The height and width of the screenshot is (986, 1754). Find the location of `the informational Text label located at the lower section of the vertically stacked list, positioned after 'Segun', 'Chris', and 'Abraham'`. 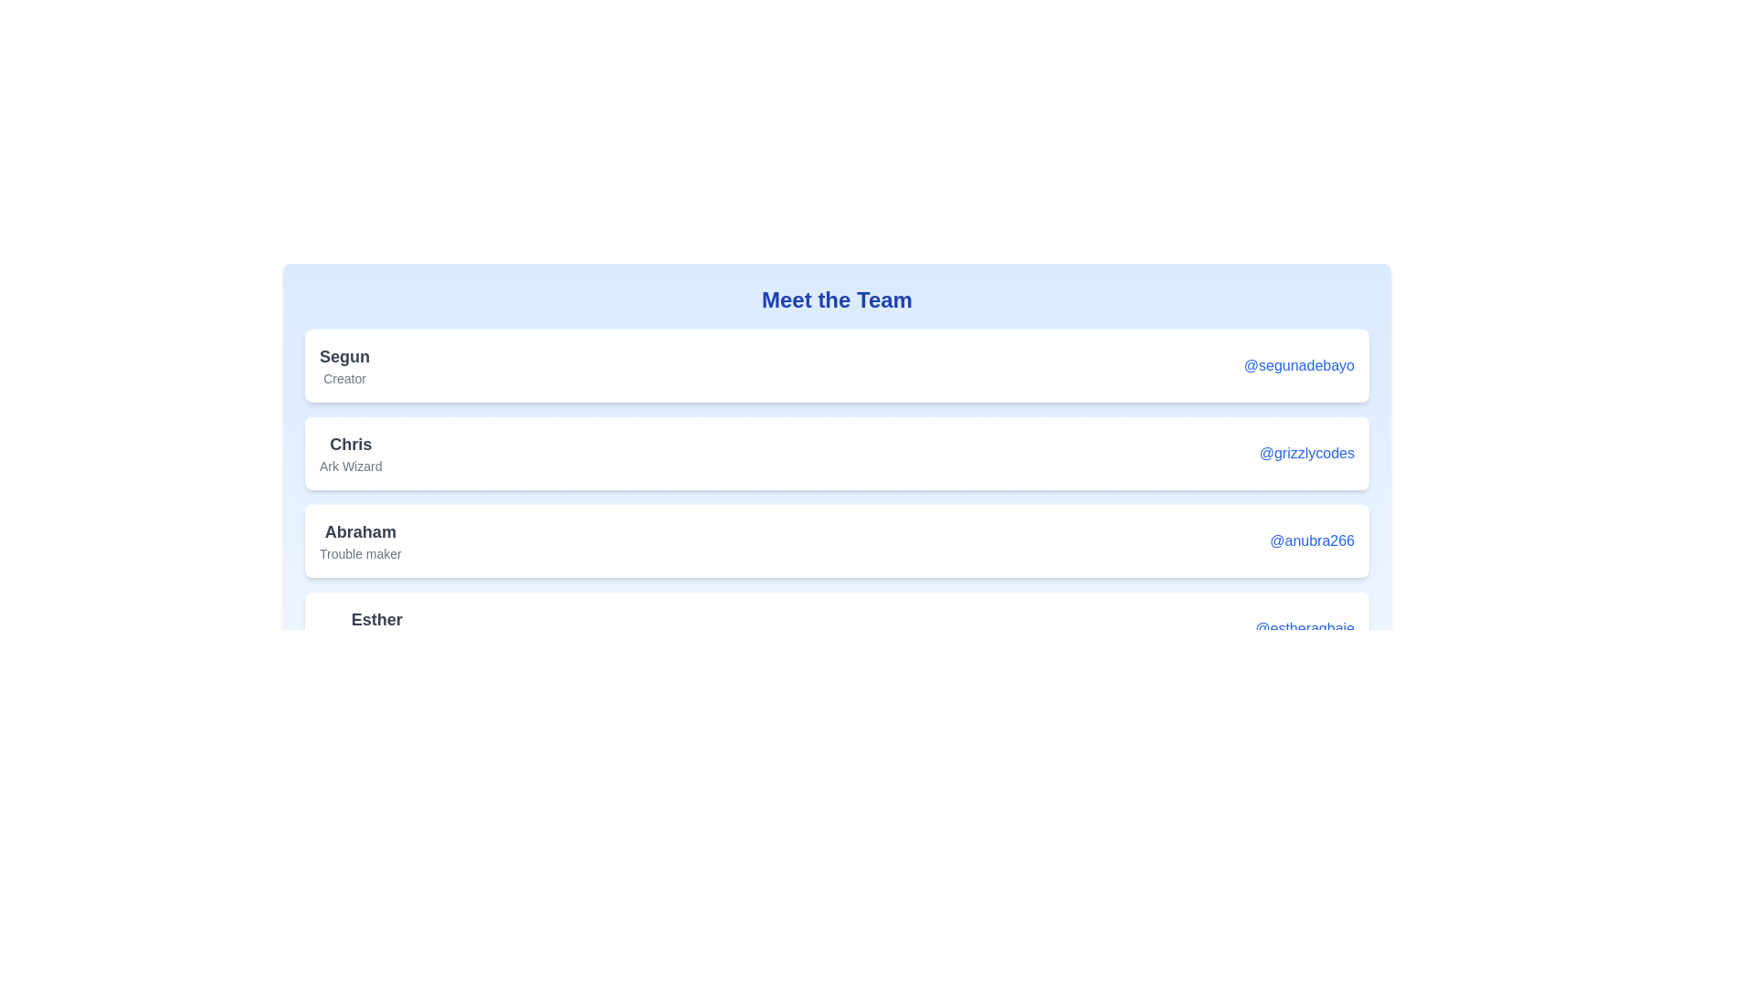

the informational Text label located at the lower section of the vertically stacked list, positioned after 'Segun', 'Chris', and 'Abraham' is located at coordinates (375, 628).